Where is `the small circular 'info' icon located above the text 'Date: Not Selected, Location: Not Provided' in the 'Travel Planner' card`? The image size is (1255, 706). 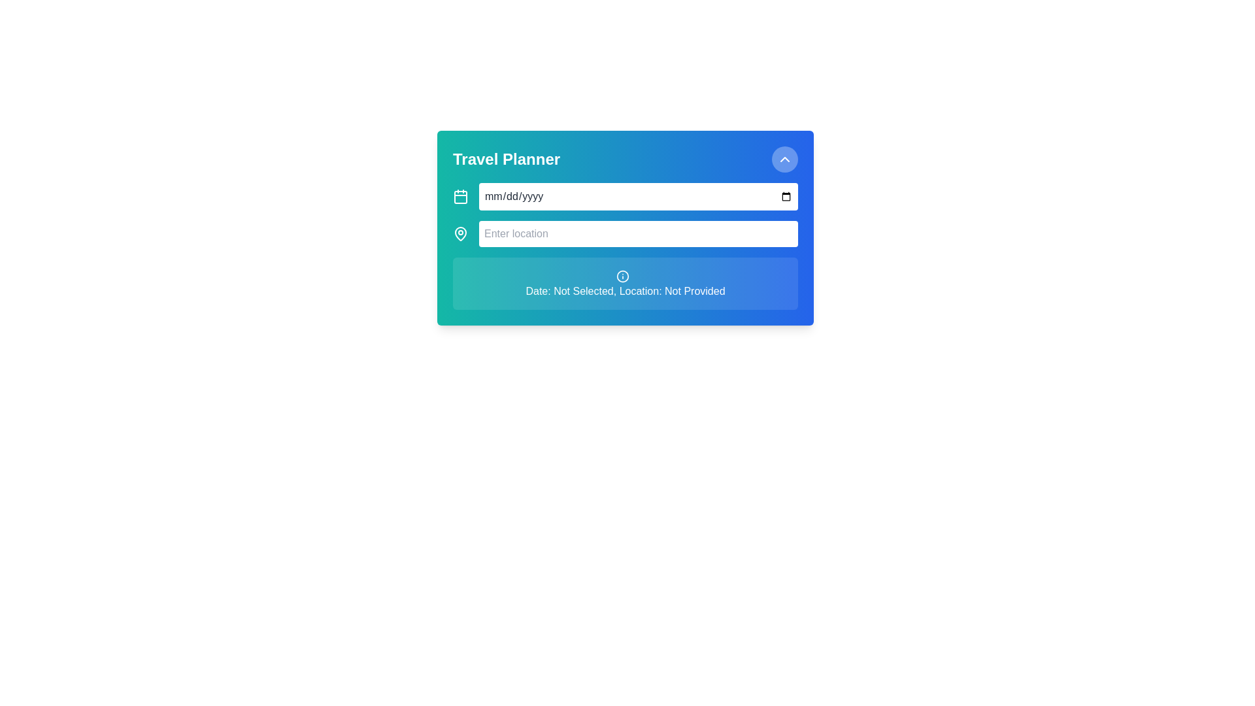
the small circular 'info' icon located above the text 'Date: Not Selected, Location: Not Provided' in the 'Travel Planner' card is located at coordinates (622, 275).